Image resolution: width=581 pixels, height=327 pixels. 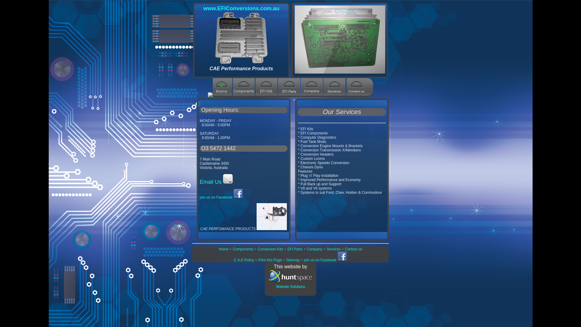 What do you see at coordinates (216, 182) in the screenshot?
I see `'Email Us'` at bounding box center [216, 182].